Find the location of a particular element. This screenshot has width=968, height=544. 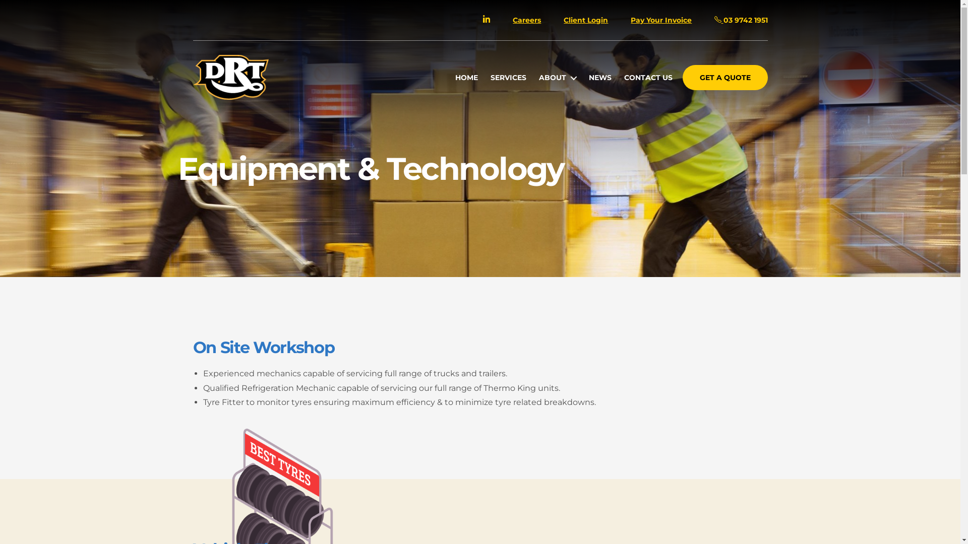

'Client Login' is located at coordinates (563, 20).